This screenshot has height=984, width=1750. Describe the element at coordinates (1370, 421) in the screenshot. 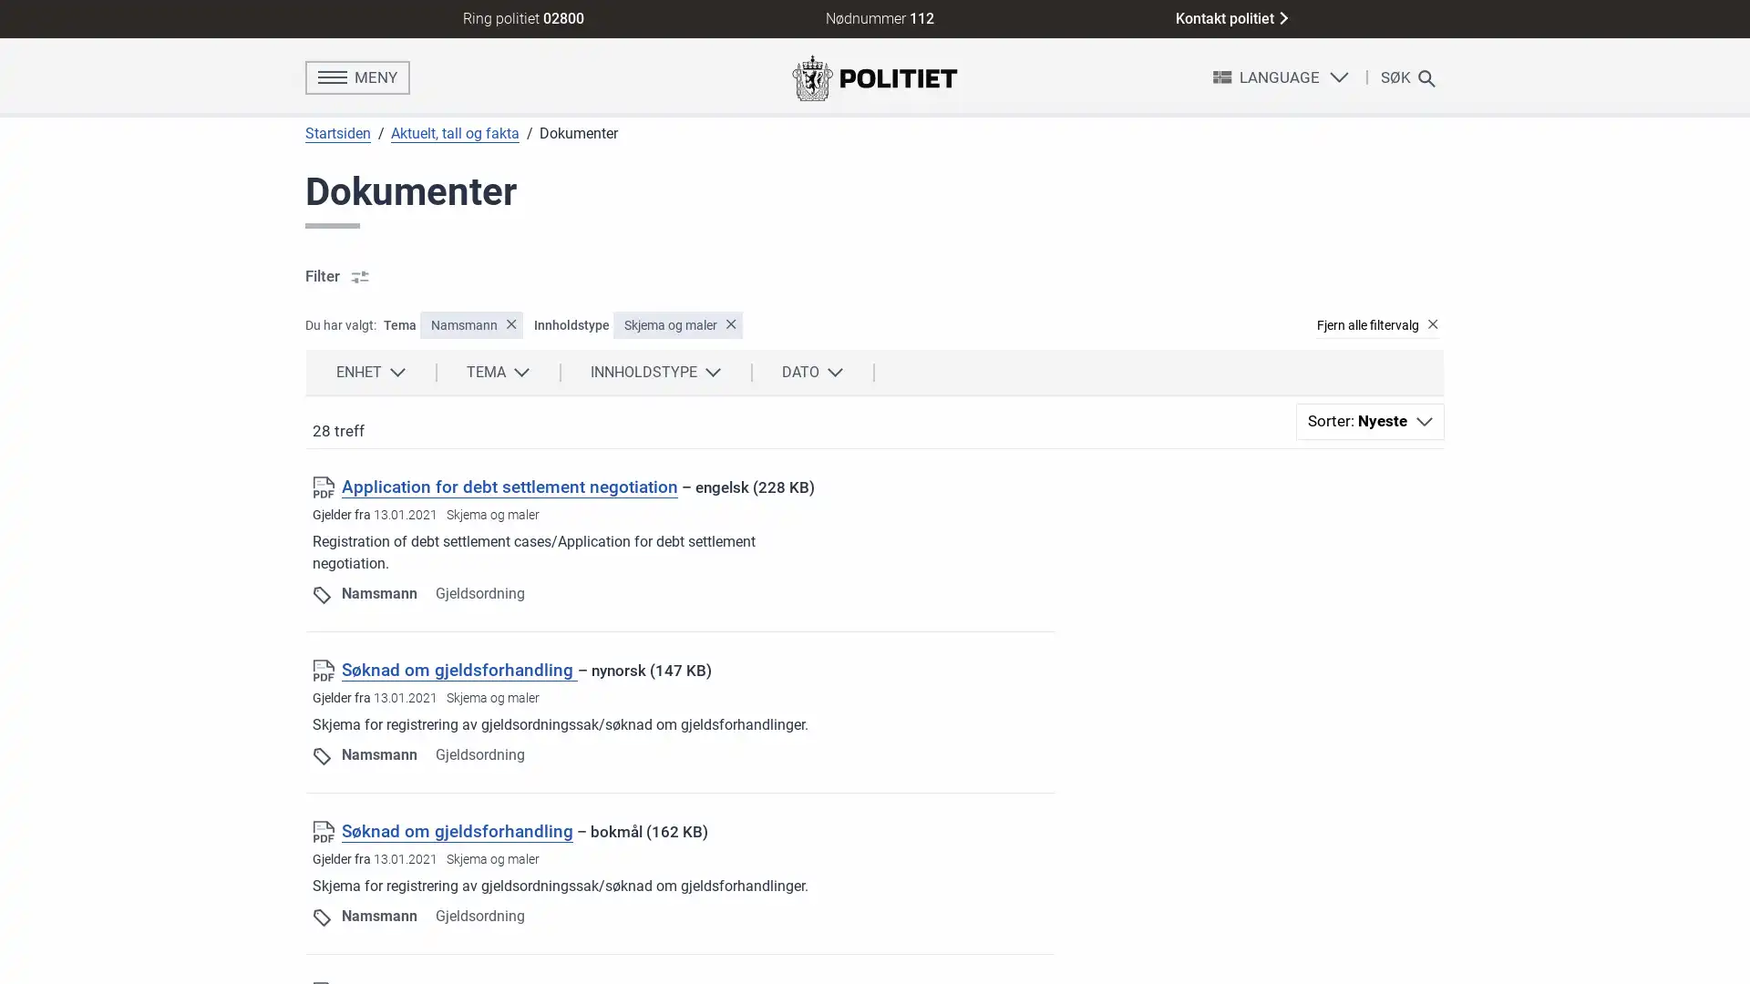

I see `Sorter: Nyeste` at that location.